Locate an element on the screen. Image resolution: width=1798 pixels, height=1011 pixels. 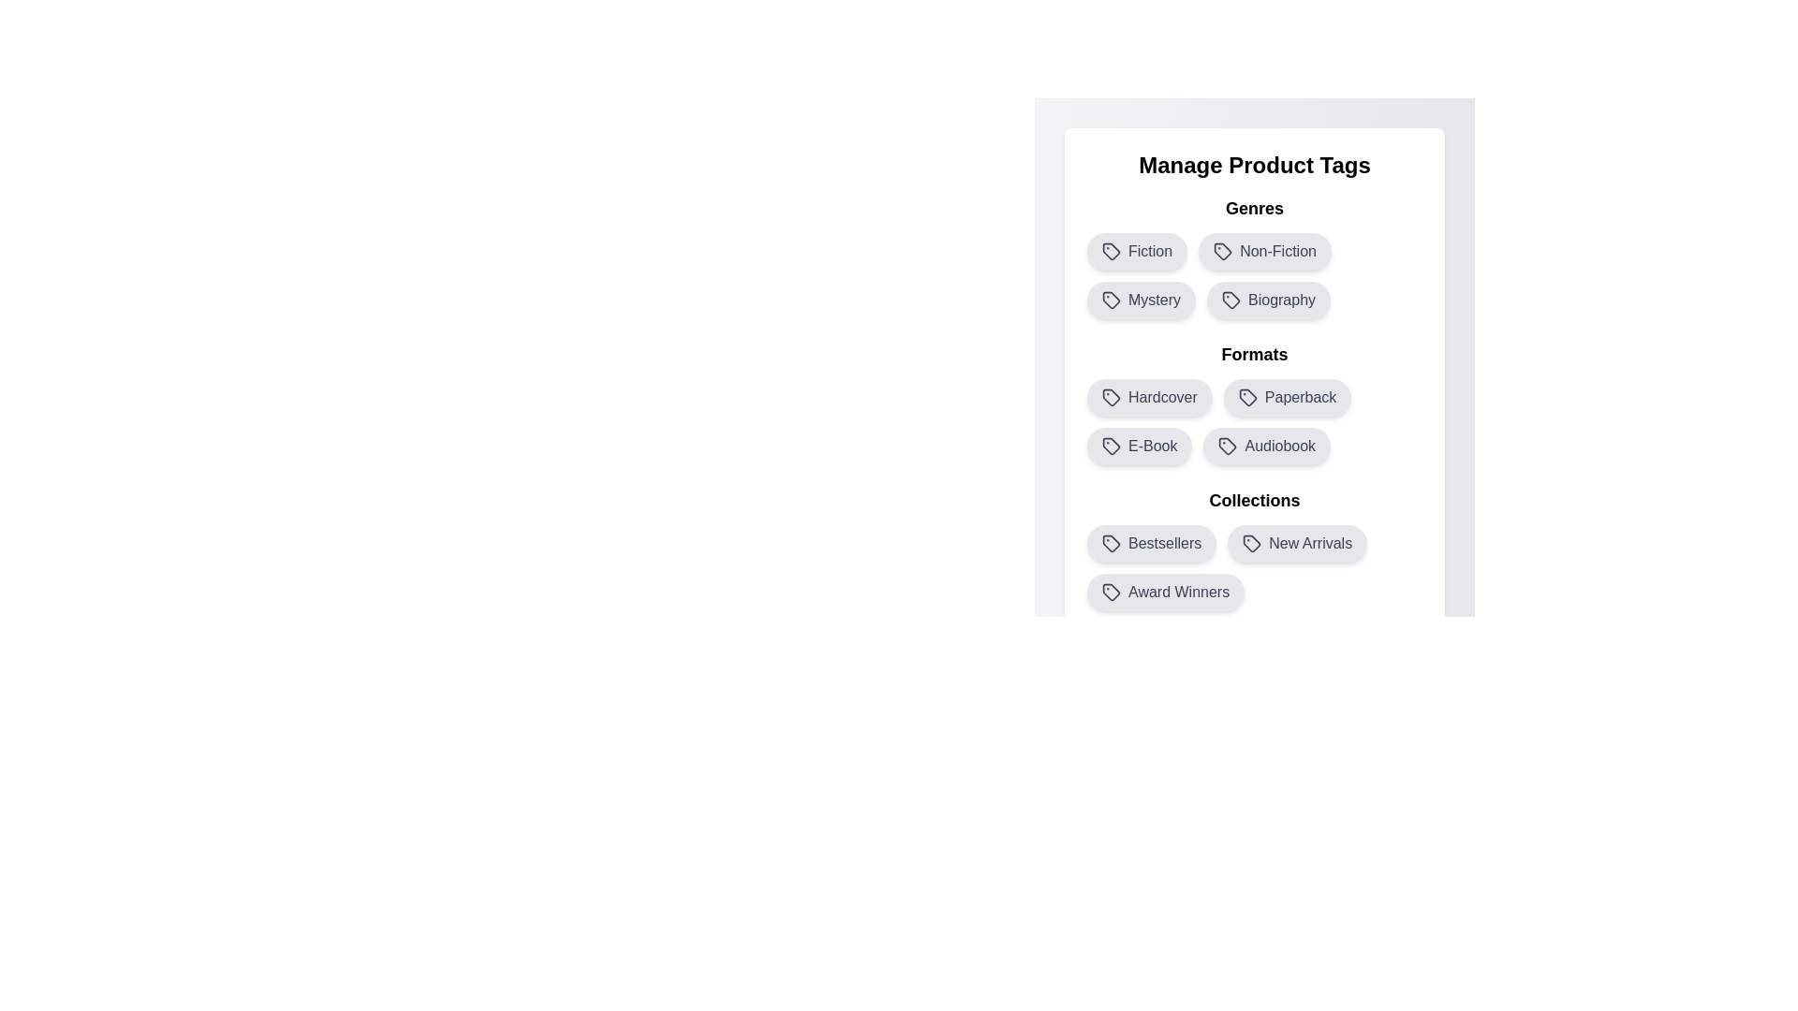
the tag icon representing 'Non-Fiction' located in the top-right corner of the 'Genres' group is located at coordinates (1222, 249).